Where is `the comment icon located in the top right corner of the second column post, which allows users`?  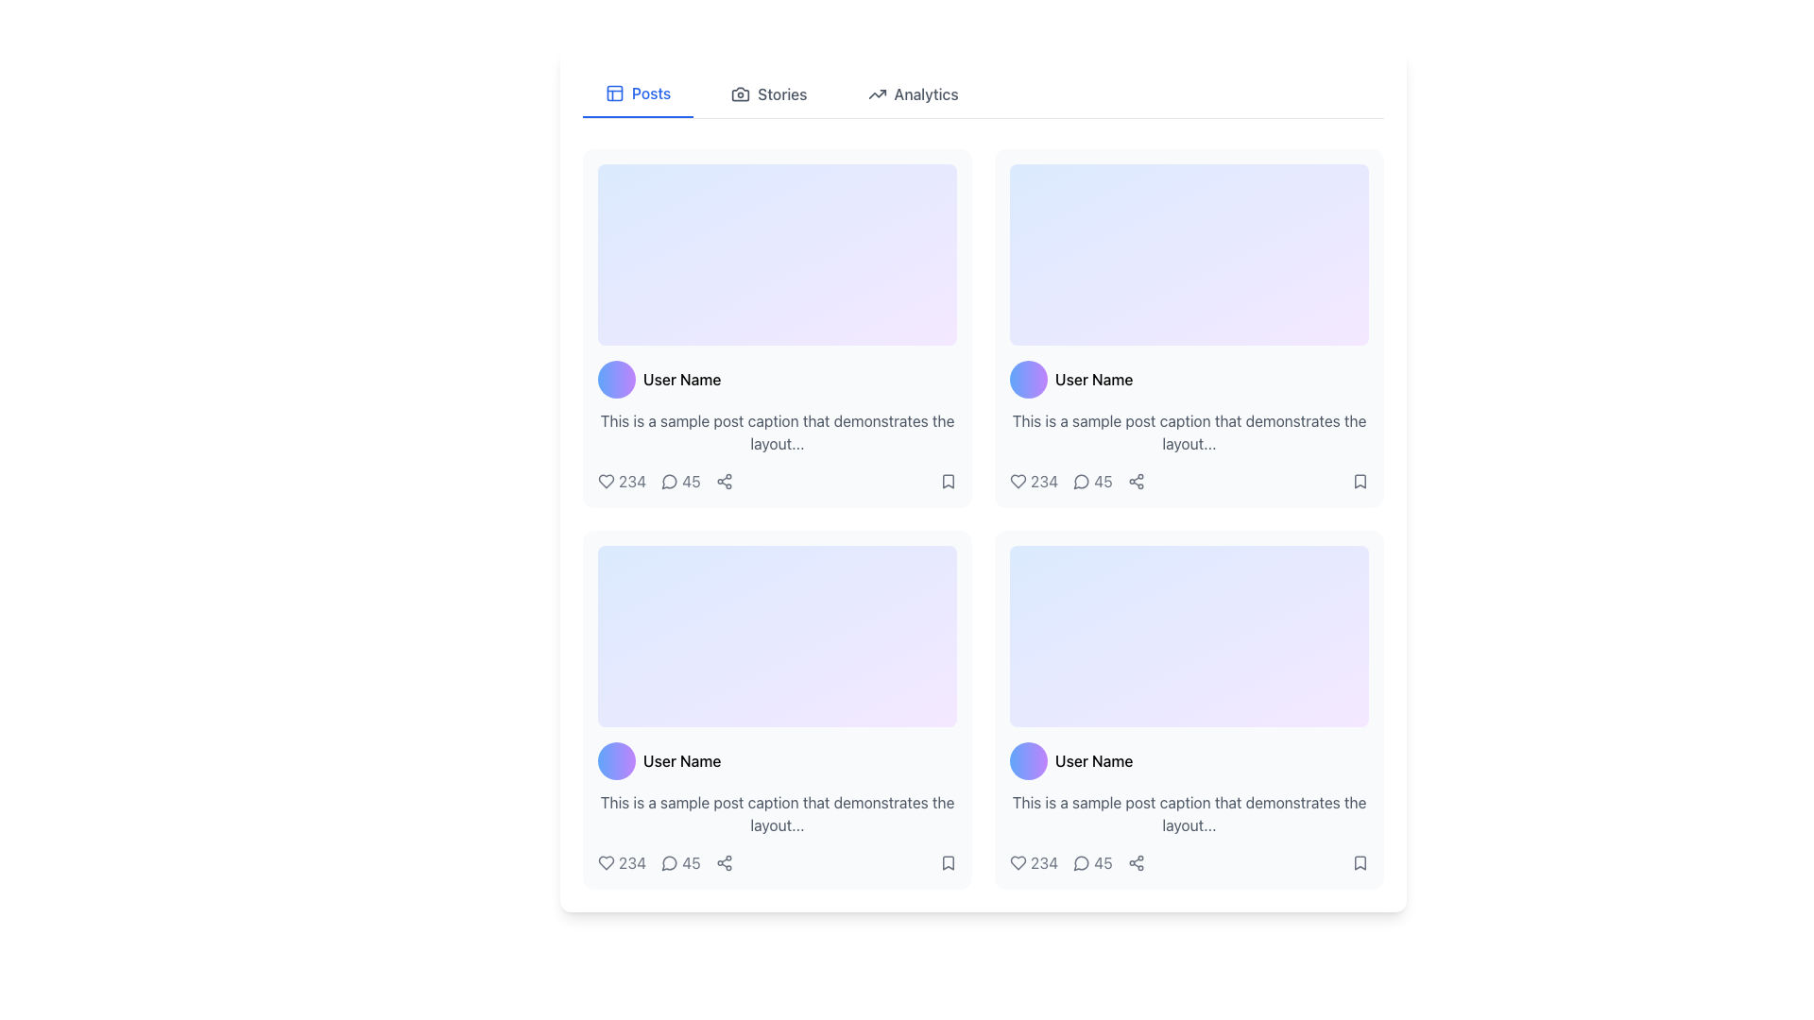
the comment icon located in the top right corner of the second column post, which allows users is located at coordinates (1081, 481).